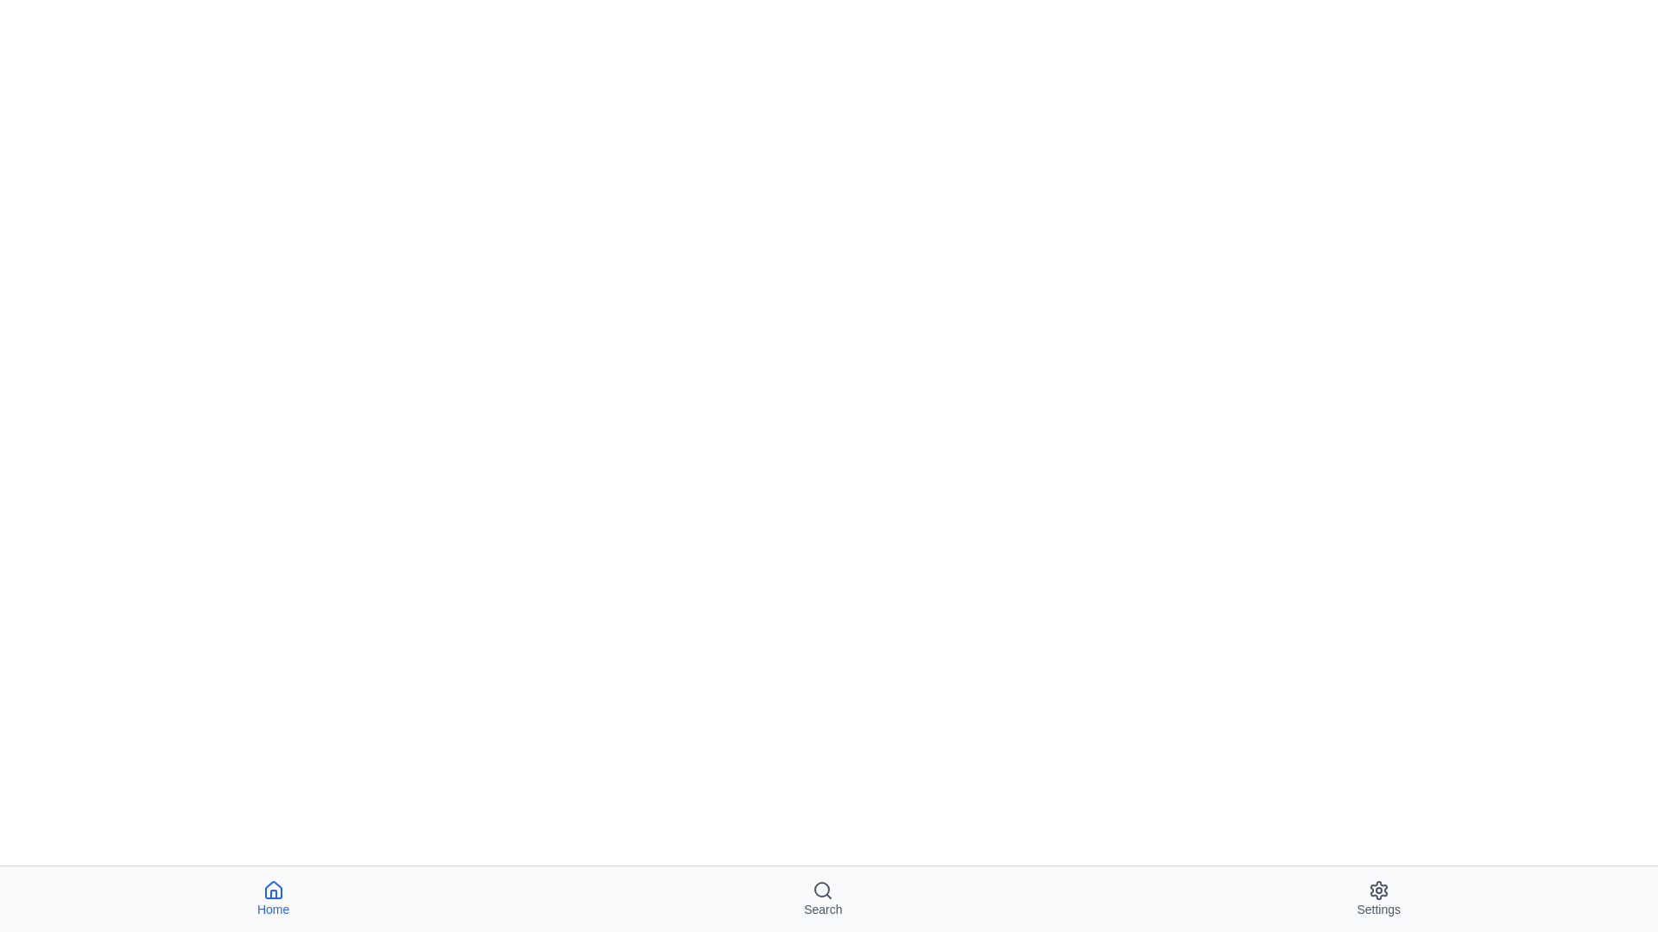 The image size is (1658, 932). What do you see at coordinates (822, 891) in the screenshot?
I see `the search icon, which is represented by a magnifying glass graphic` at bounding box center [822, 891].